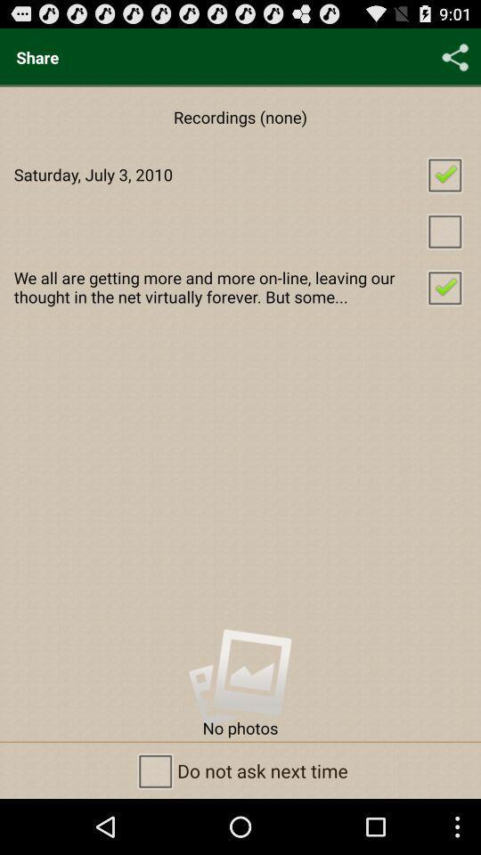 This screenshot has width=481, height=855. What do you see at coordinates (455, 57) in the screenshot?
I see `switch share` at bounding box center [455, 57].